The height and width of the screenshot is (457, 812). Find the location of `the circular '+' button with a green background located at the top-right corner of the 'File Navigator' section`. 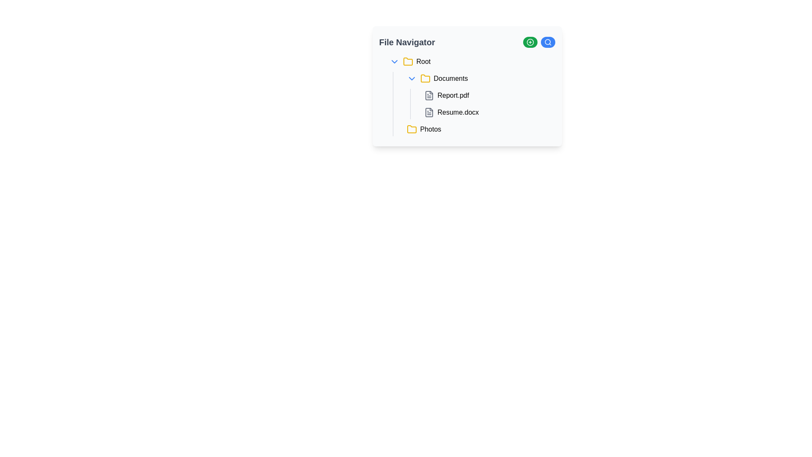

the circular '+' button with a green background located at the top-right corner of the 'File Navigator' section is located at coordinates (529, 42).